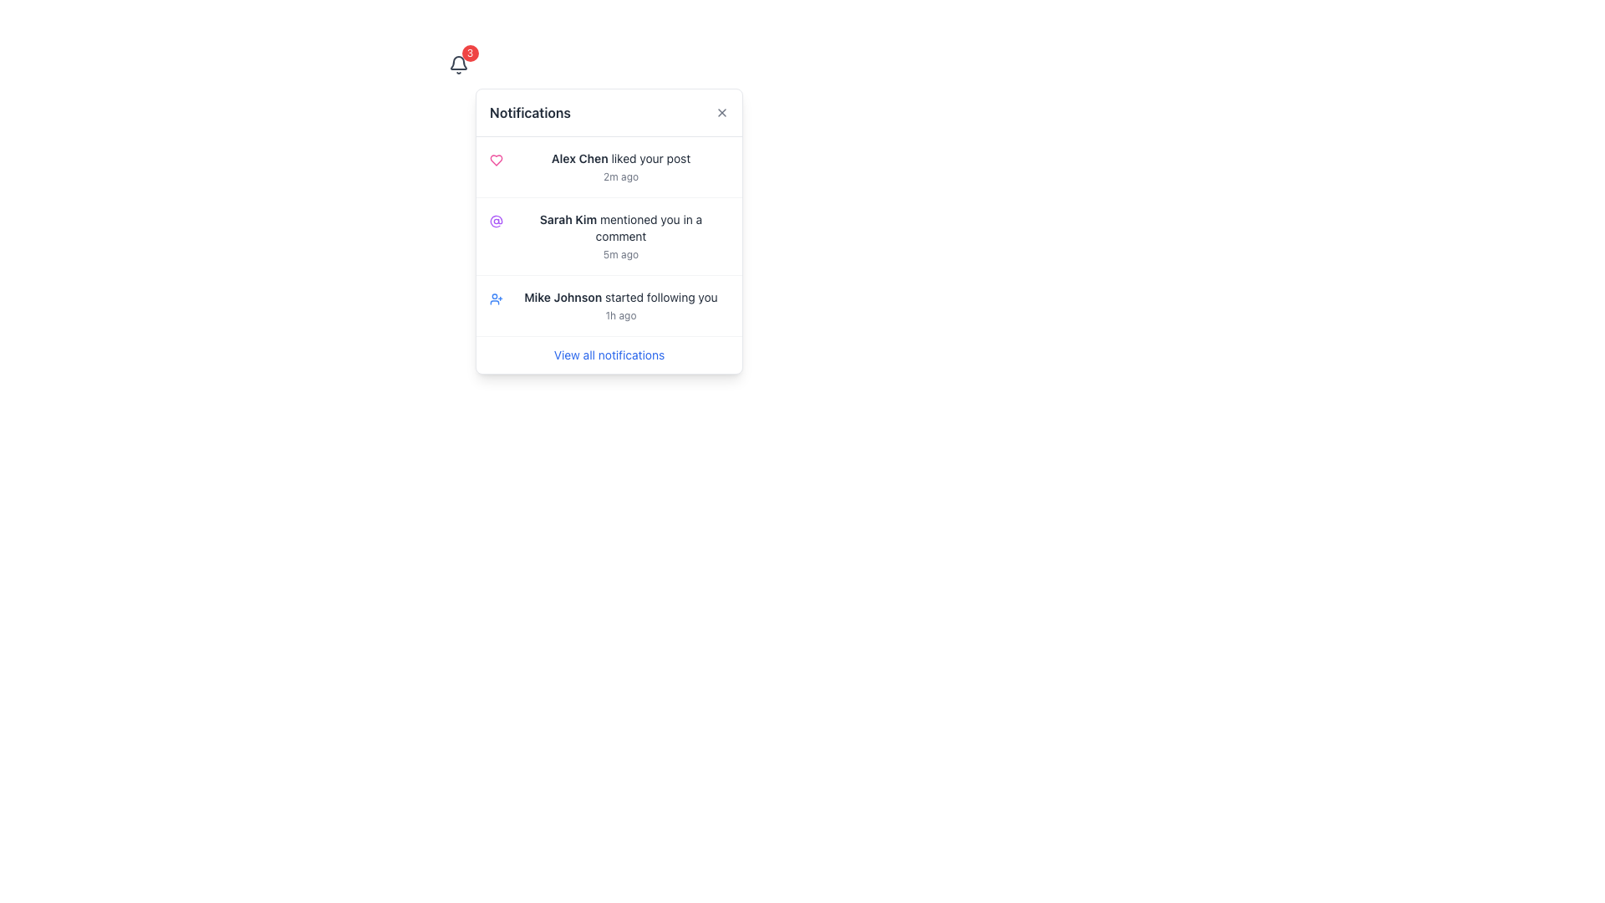  Describe the element at coordinates (722, 113) in the screenshot. I see `the small 'X' icon button located in the top right corner of the notifications card` at that location.